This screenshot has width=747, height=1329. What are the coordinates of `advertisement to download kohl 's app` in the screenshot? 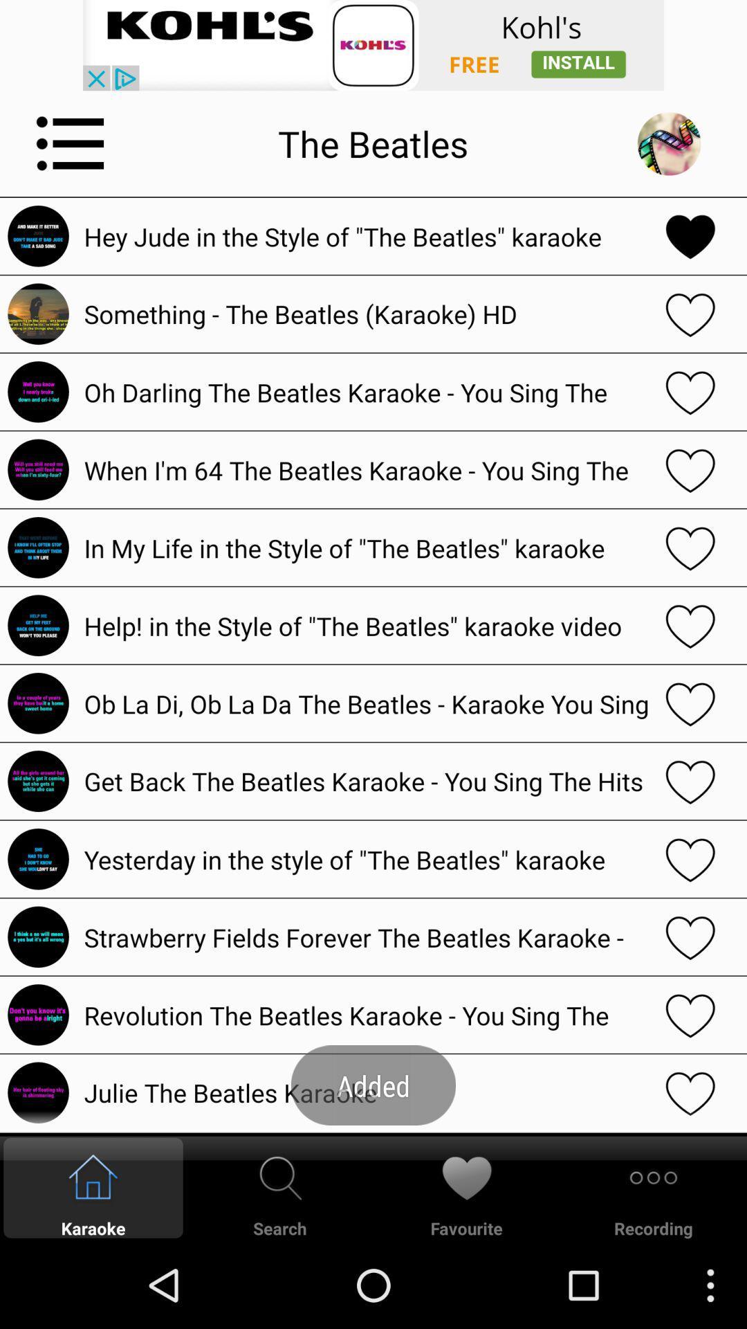 It's located at (373, 45).